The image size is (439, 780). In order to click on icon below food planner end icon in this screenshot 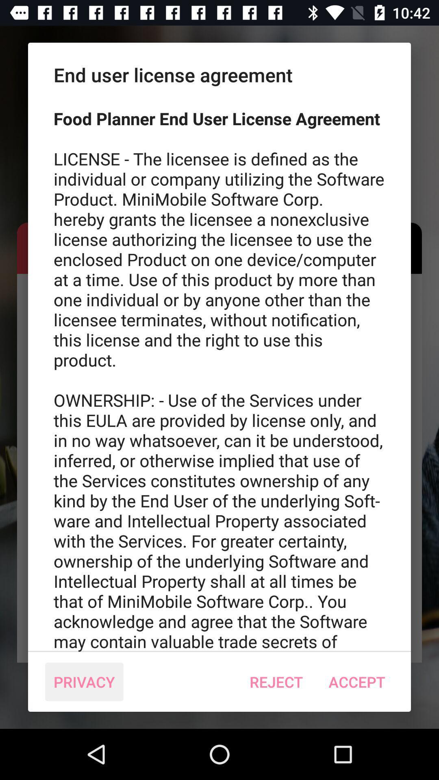, I will do `click(276, 682)`.